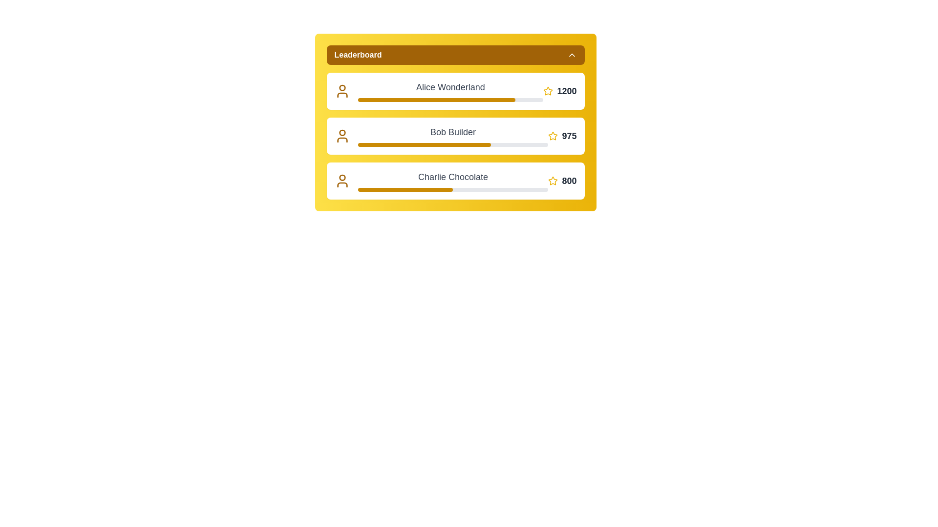 The height and width of the screenshot is (527, 938). Describe the element at coordinates (452, 177) in the screenshot. I see `the text label displaying 'Charlie Chocolate', which is the third entry in the leaderboard, positioned near a progress bar and a yellow star symbol` at that location.